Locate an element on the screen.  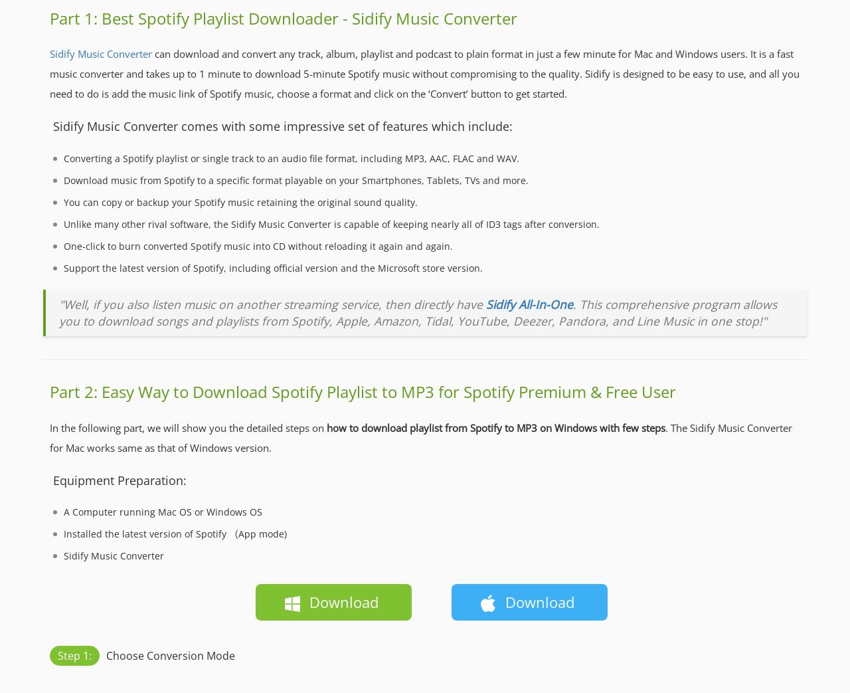
'how to download playlist from Spotify to MP3 on Windows with few steps' is located at coordinates (495, 427).